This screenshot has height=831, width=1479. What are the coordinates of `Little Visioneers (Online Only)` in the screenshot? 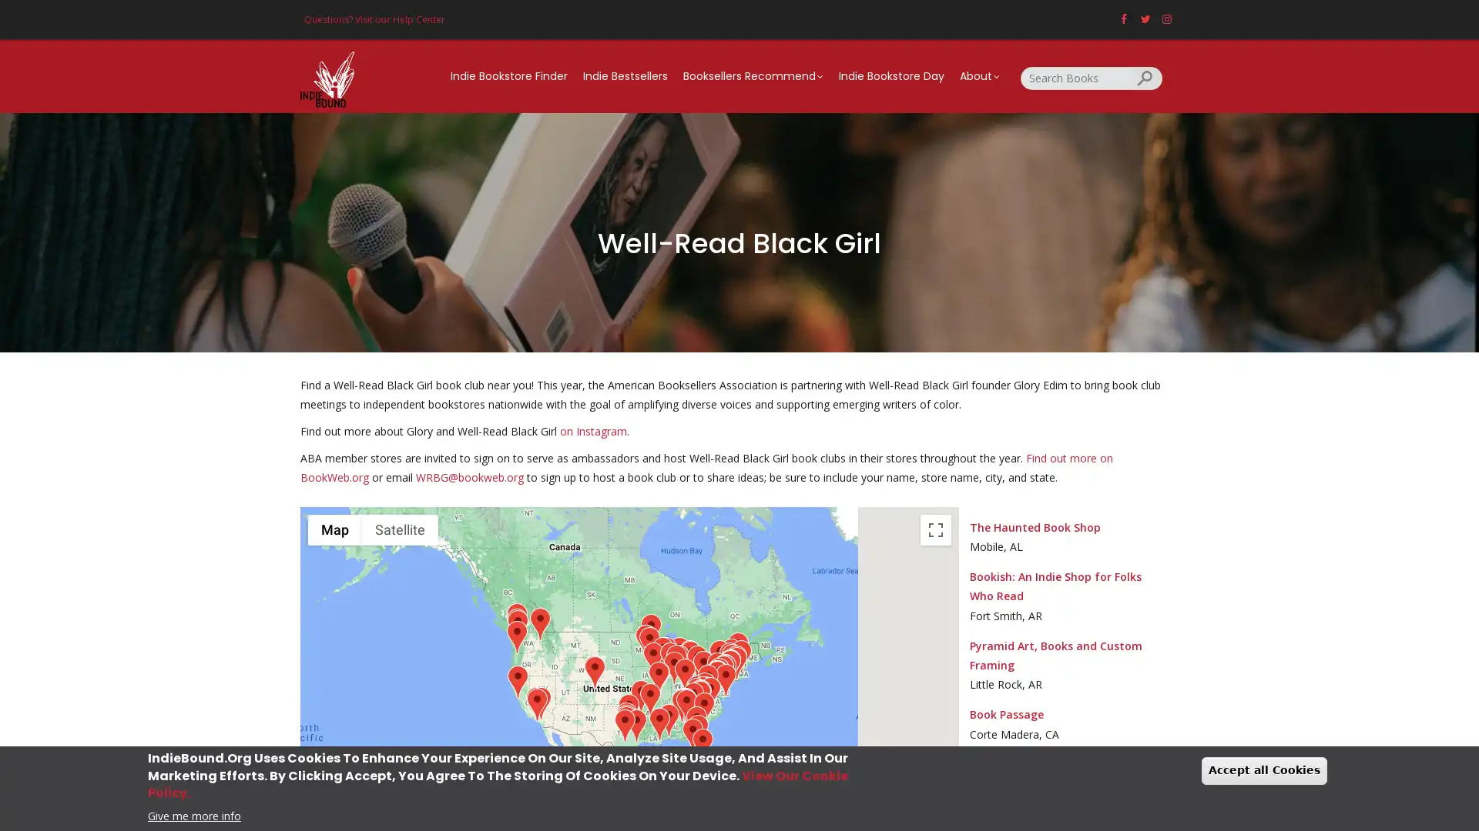 It's located at (535, 703).